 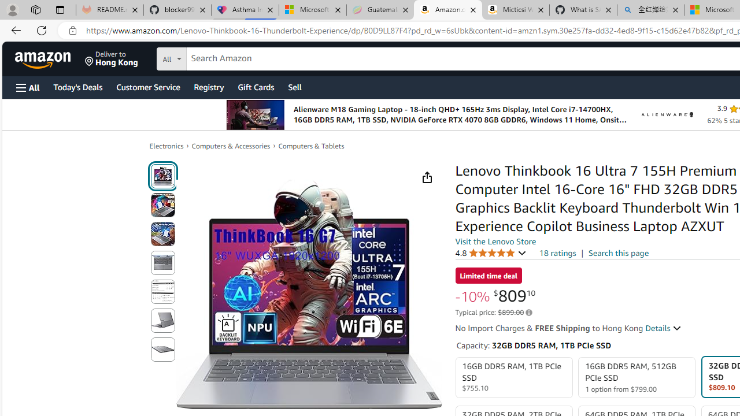 What do you see at coordinates (166, 145) in the screenshot?
I see `'Electronics'` at bounding box center [166, 145].